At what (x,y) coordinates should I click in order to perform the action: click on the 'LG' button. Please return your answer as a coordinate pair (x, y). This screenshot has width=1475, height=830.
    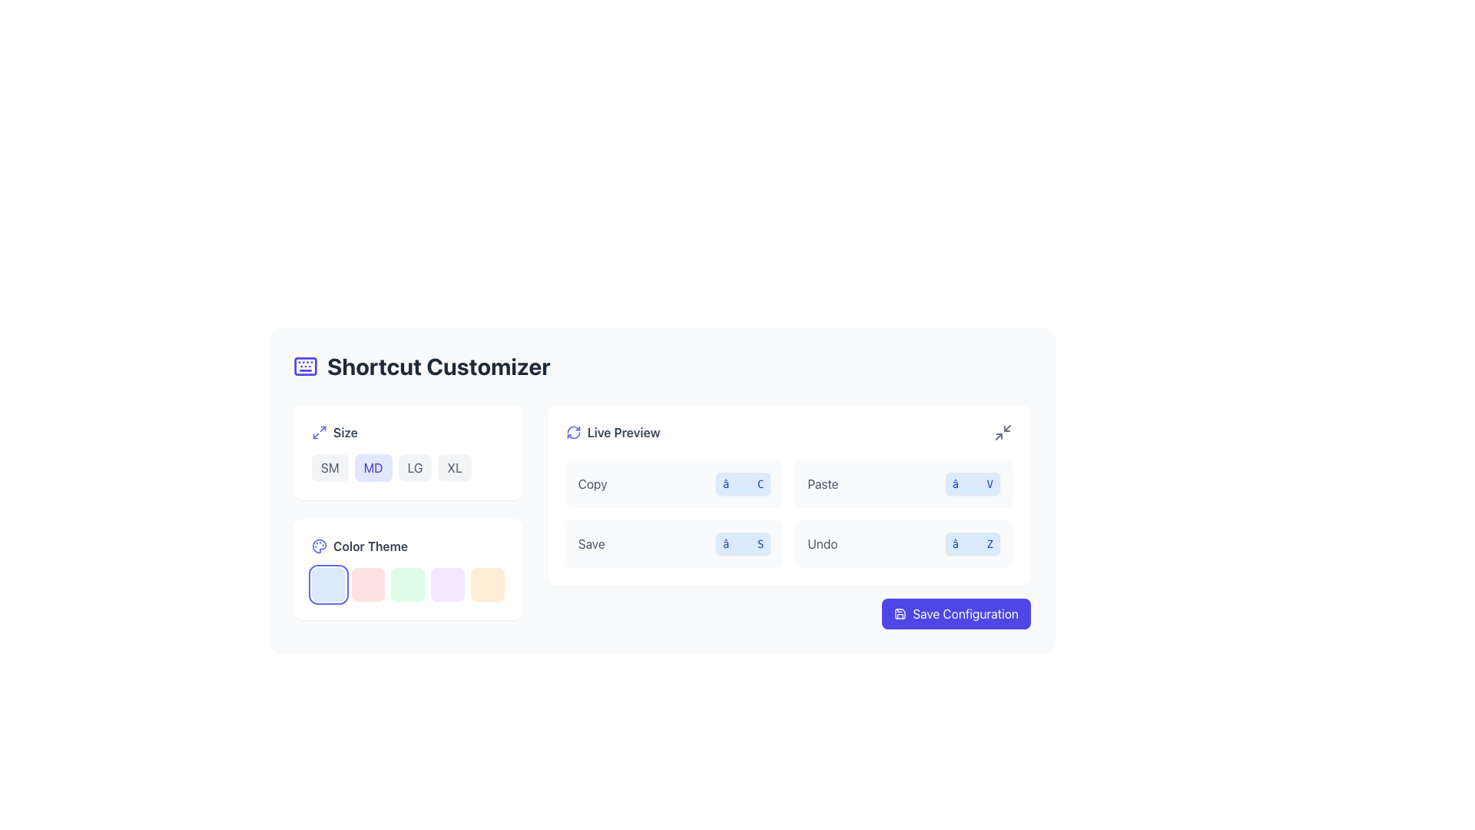
    Looking at the image, I should click on (415, 467).